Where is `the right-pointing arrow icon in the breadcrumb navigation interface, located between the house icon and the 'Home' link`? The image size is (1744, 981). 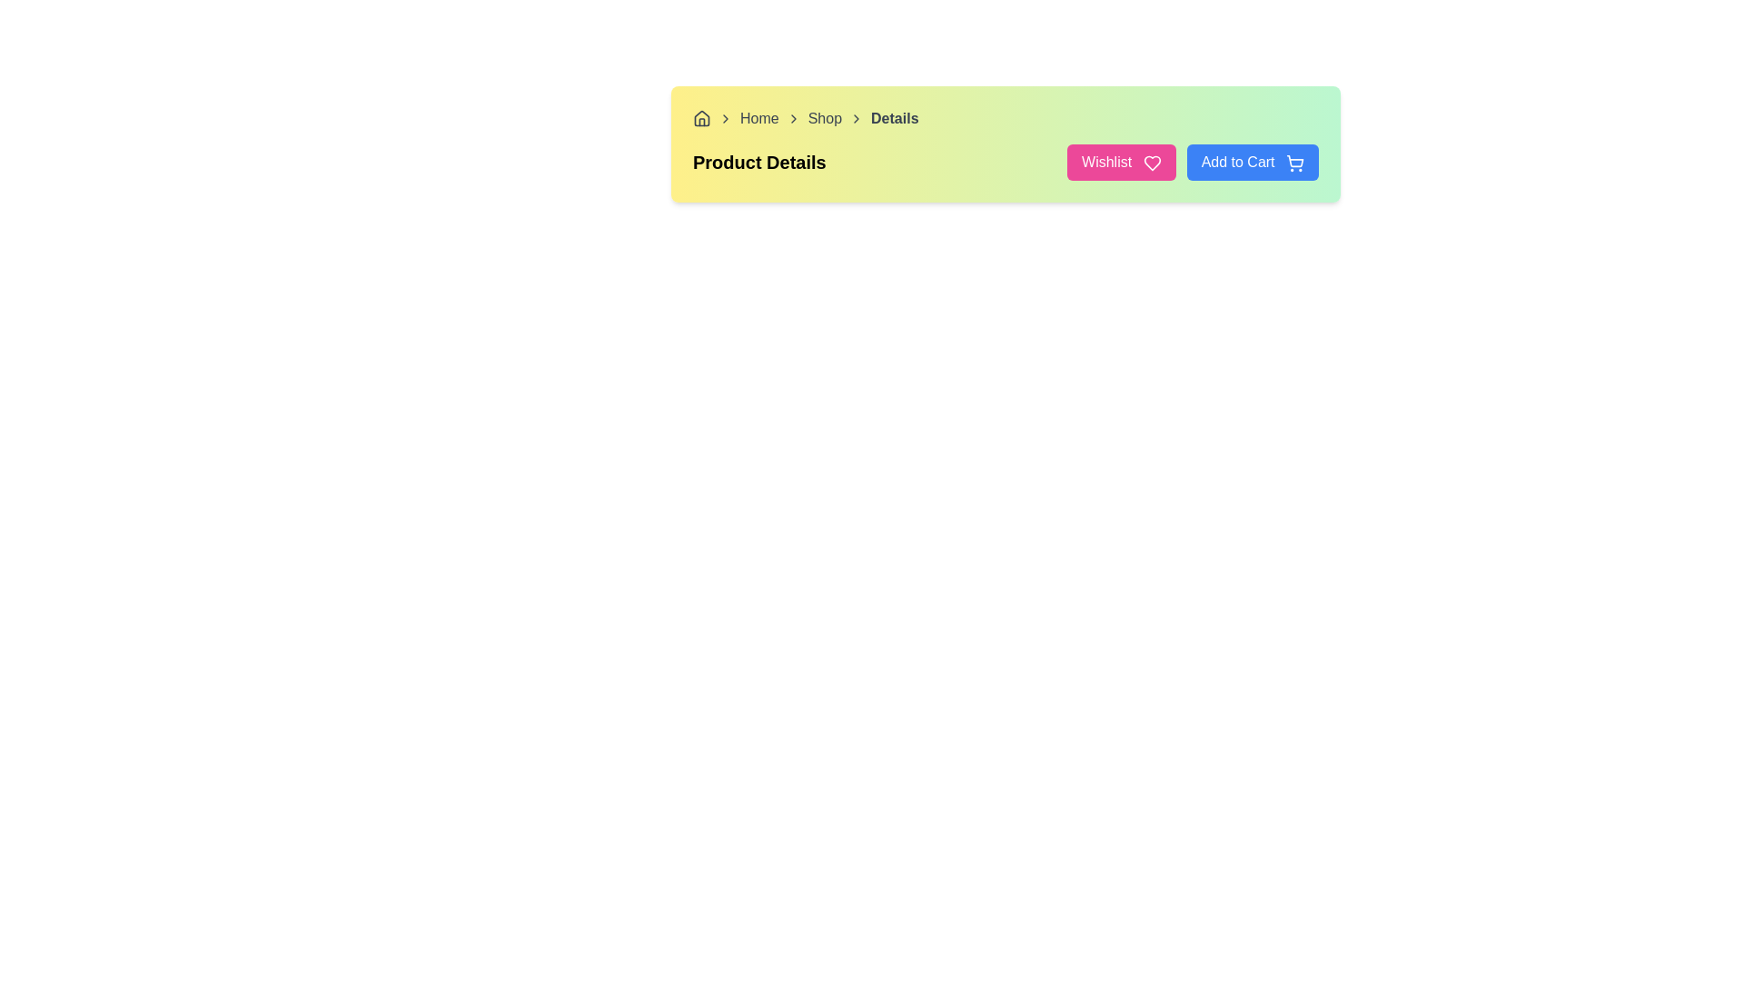
the right-pointing arrow icon in the breadcrumb navigation interface, located between the house icon and the 'Home' link is located at coordinates (724, 119).